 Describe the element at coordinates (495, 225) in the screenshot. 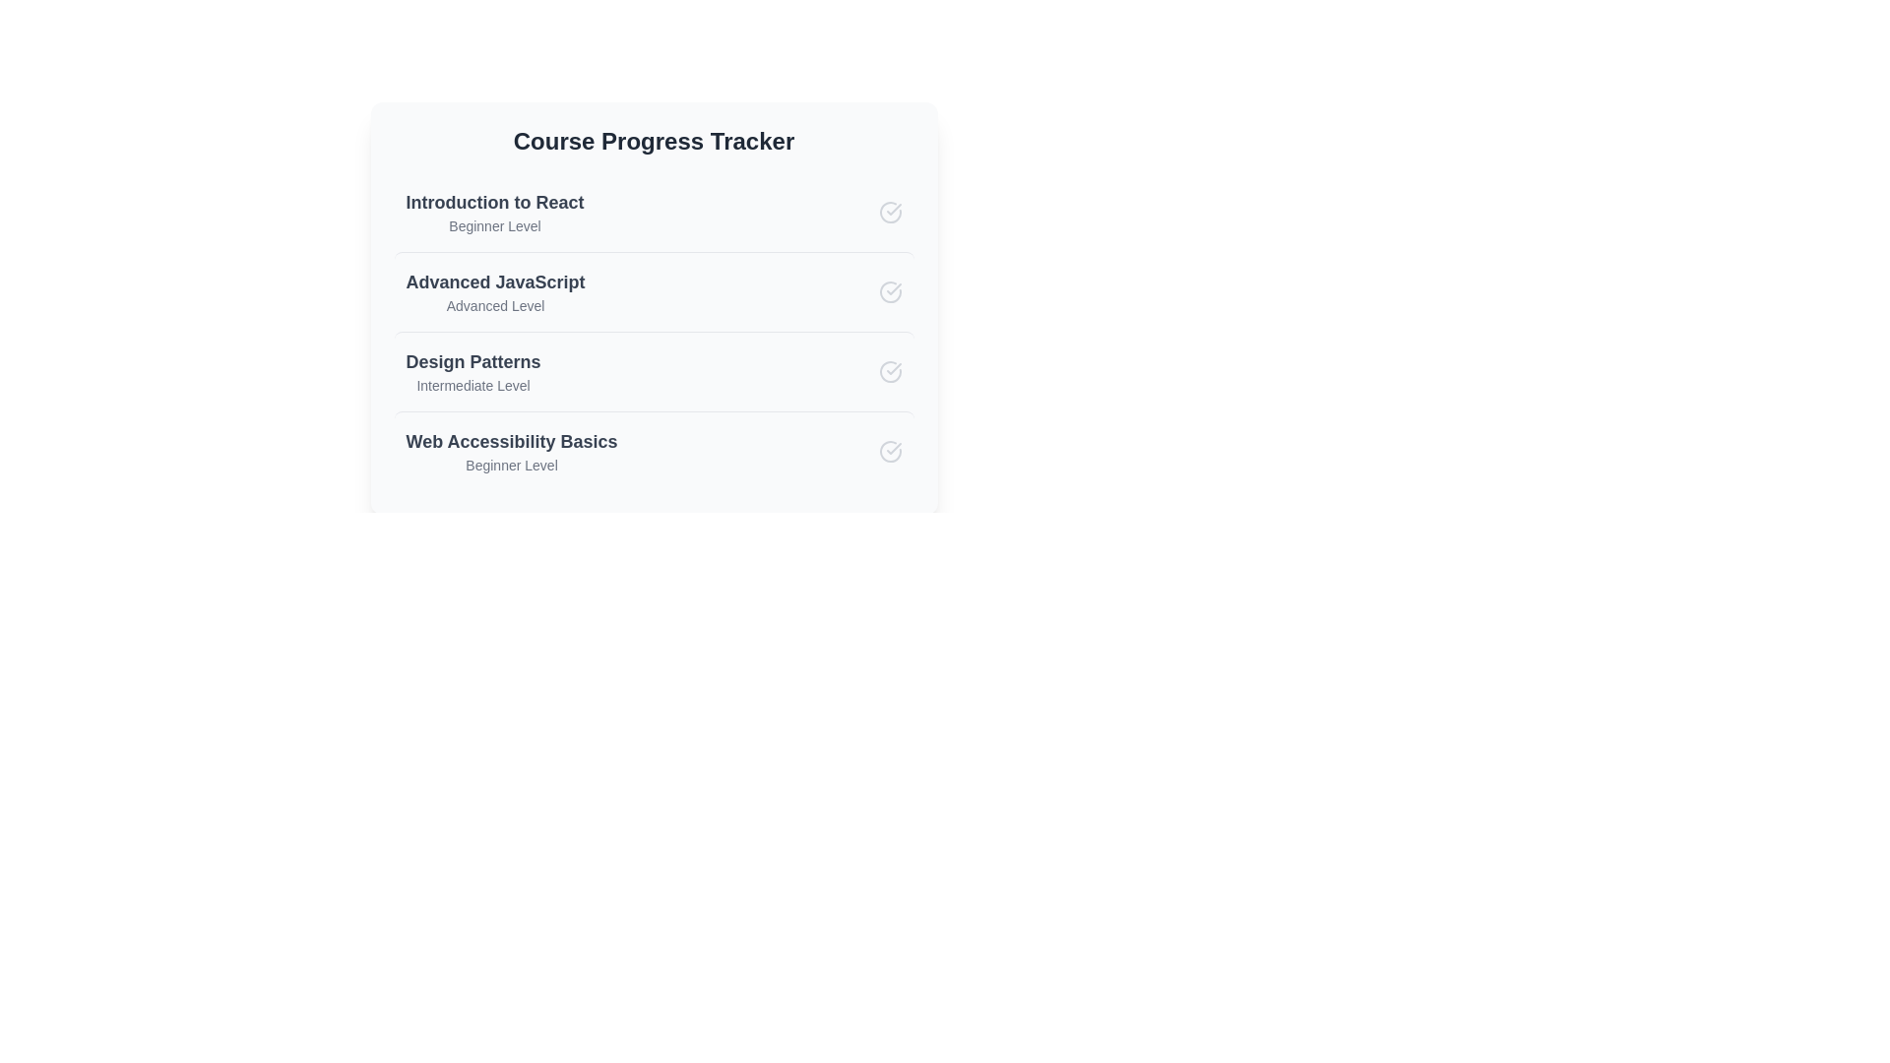

I see `the text label indicating the difficulty or suitability level of the course, which is located directly below 'Introduction to React'` at that location.